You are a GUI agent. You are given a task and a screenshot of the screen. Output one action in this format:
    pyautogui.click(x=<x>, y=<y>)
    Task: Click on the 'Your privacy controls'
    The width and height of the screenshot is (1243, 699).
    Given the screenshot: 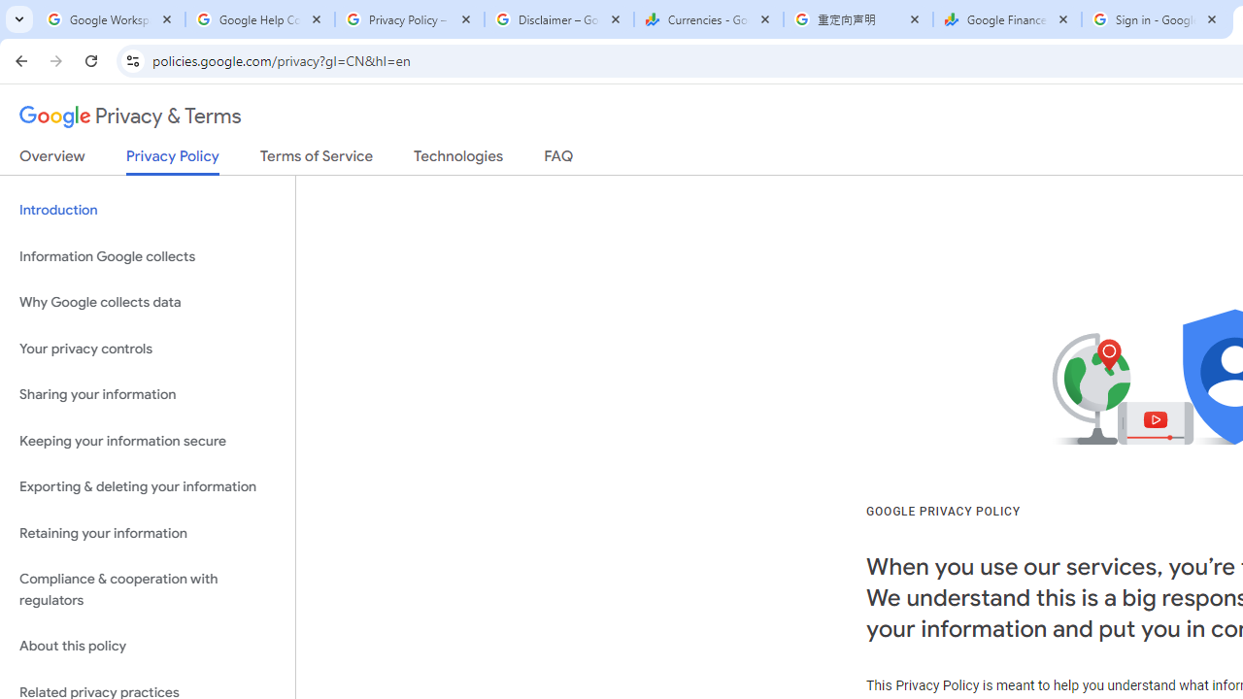 What is the action you would take?
    pyautogui.click(x=147, y=348)
    